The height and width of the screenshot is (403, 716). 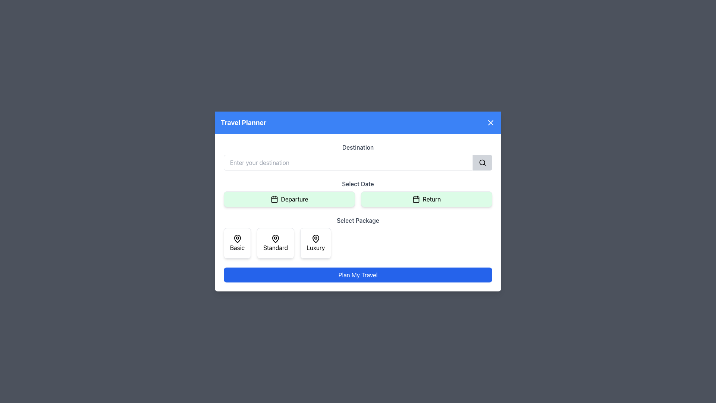 I want to click on text displayed in the prominently styled text label that says 'Travel Planner' located on the left side of the blue header bar at the top of the modal window, so click(x=244, y=122).